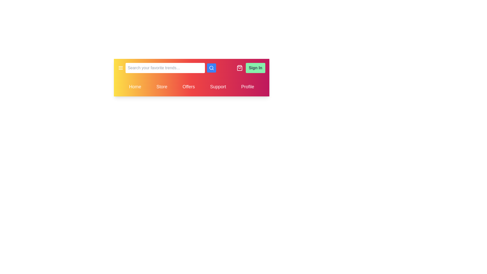  I want to click on the navigation button labeled Support, so click(218, 87).